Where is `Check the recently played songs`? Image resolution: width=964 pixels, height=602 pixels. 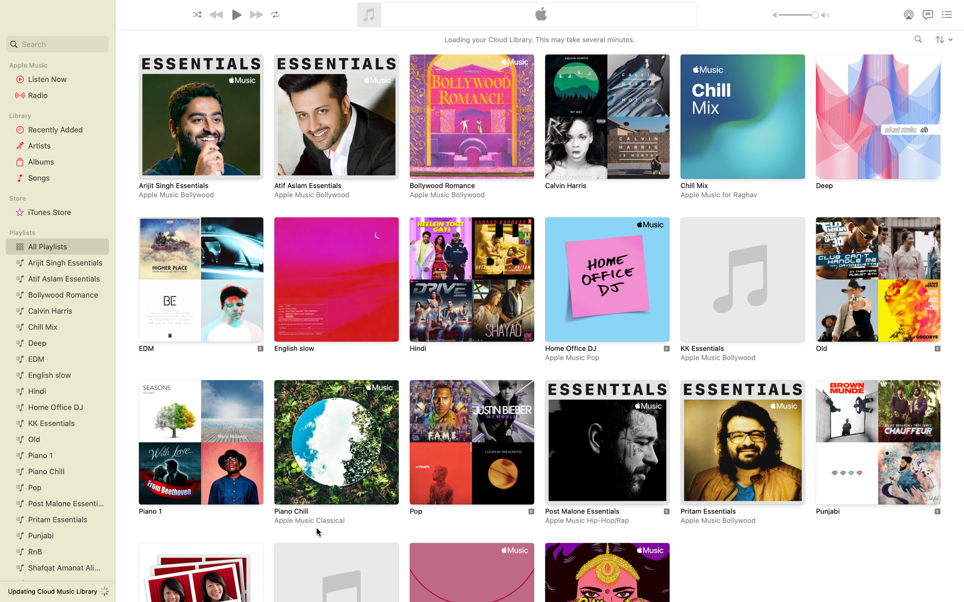
Check the recently played songs is located at coordinates (56, 129).